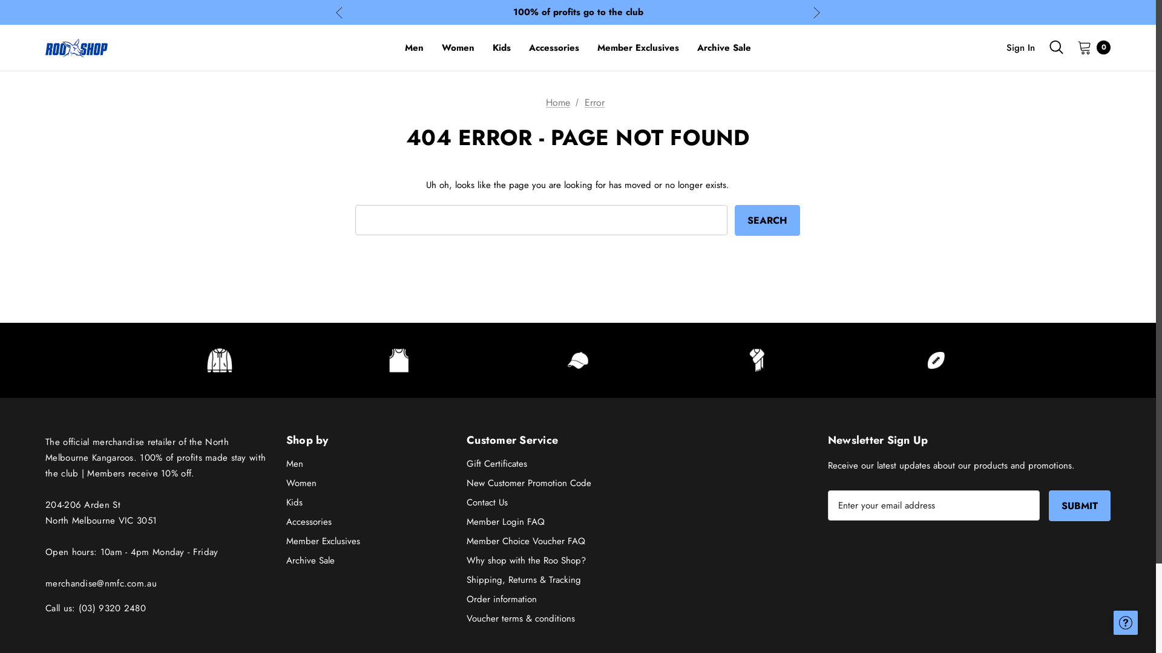 This screenshot has height=653, width=1162. What do you see at coordinates (999, 47) in the screenshot?
I see `'Sign In'` at bounding box center [999, 47].